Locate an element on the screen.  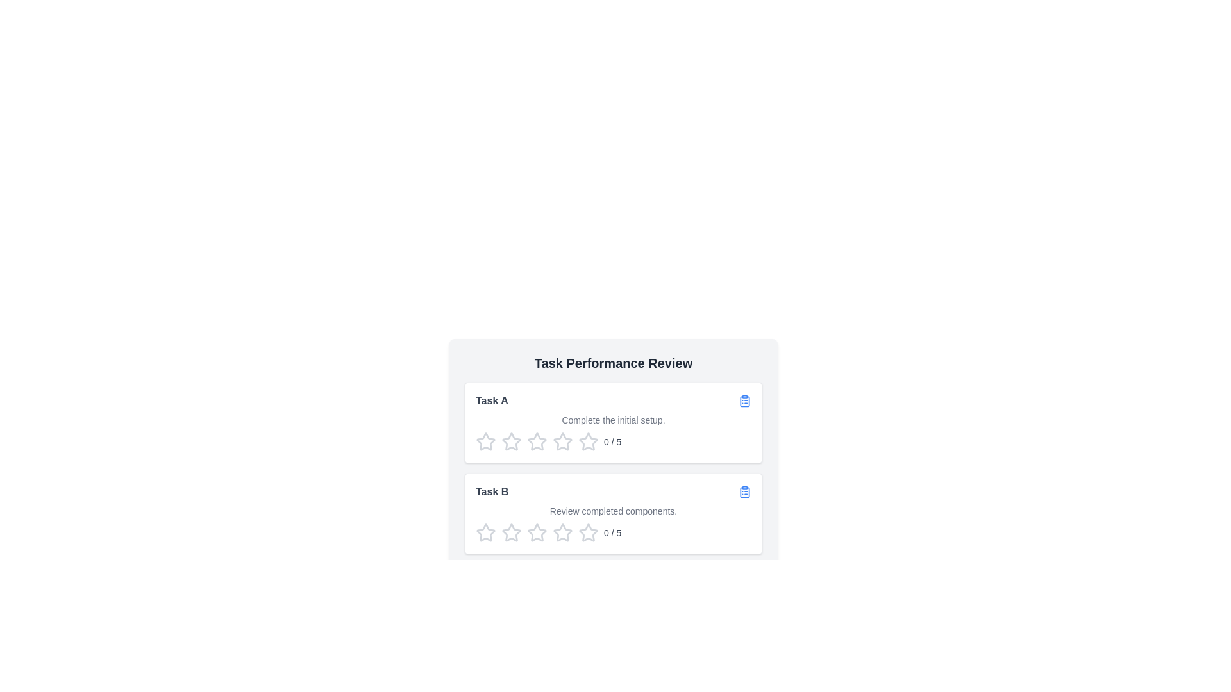
the fourth interactive rating star in gray color located beneath the 'Task A' title in the task review card is located at coordinates (587, 441).